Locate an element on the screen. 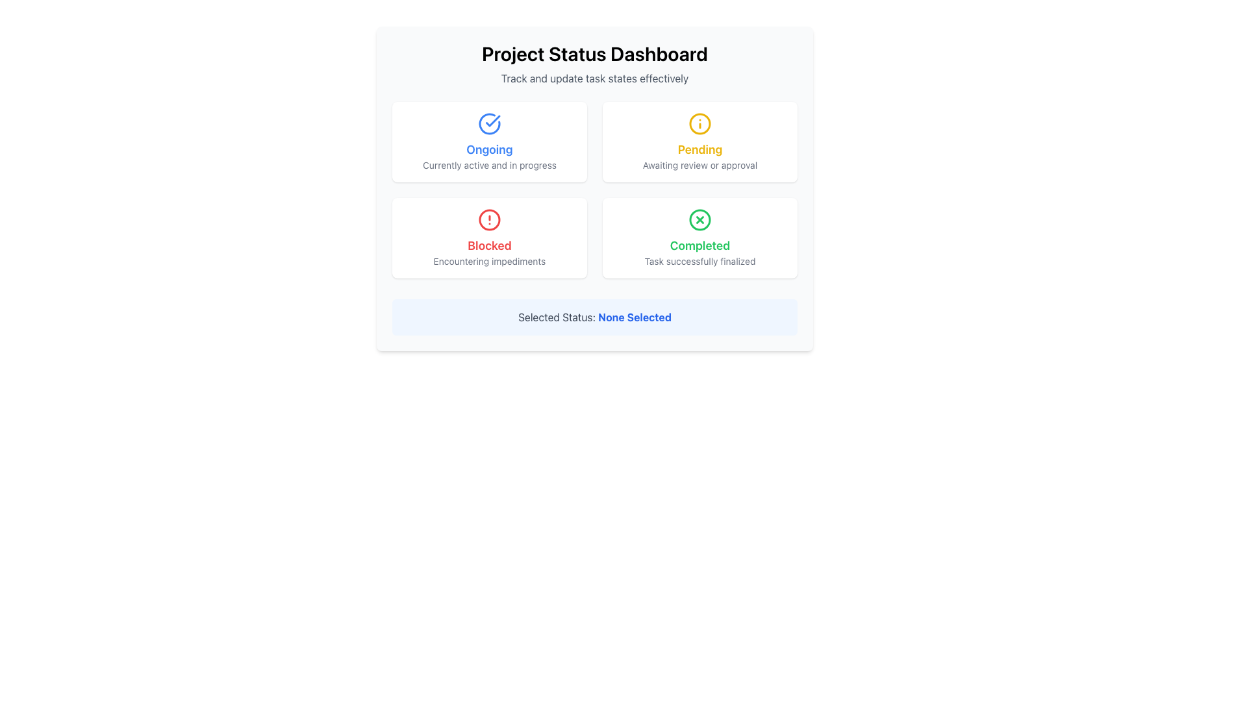  the Icon component represented by a diagonal line crossing from the top-right to the bottom-left corner of the square shape inside the 'Completed' status card in the dashboard is located at coordinates (699, 219).